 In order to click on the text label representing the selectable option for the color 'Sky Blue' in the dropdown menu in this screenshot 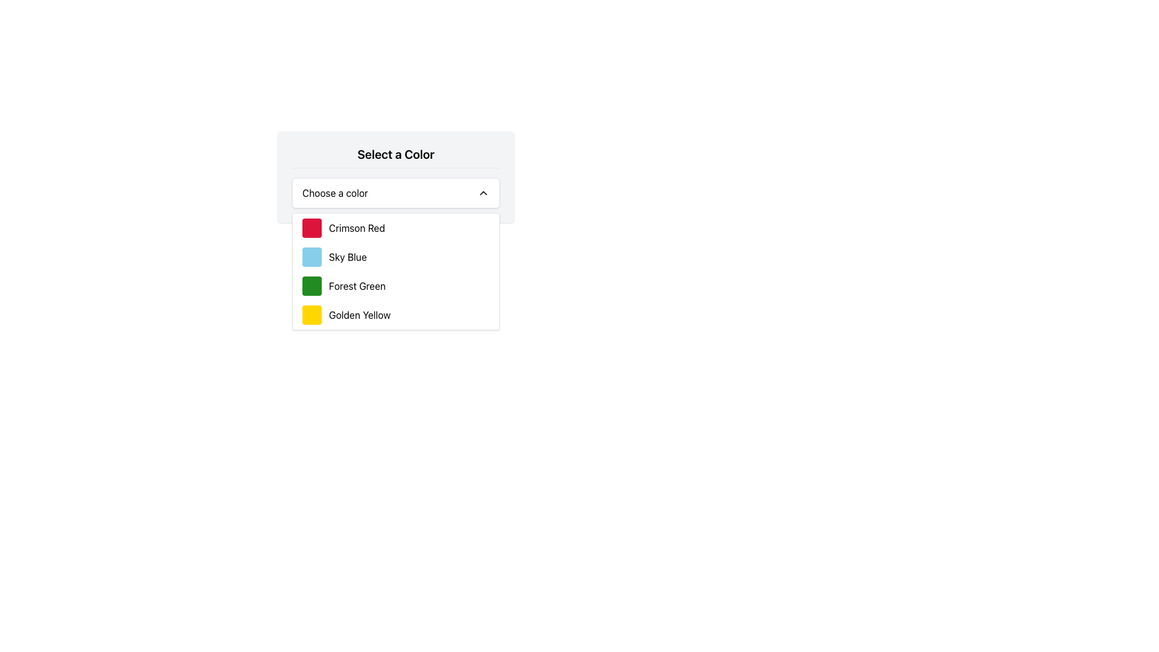, I will do `click(347, 256)`.